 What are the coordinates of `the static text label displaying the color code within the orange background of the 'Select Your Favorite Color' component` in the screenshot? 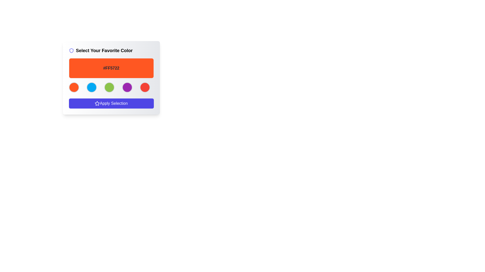 It's located at (111, 68).